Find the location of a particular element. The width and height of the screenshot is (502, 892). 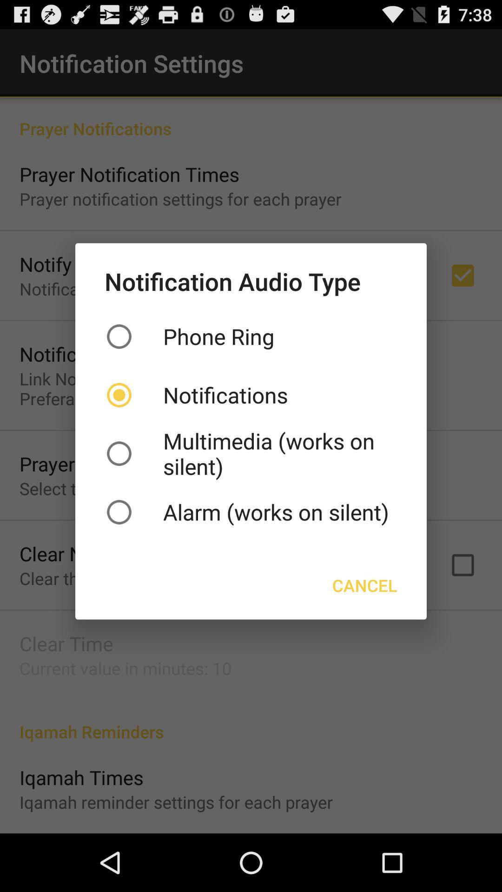

the button on the right is located at coordinates (364, 584).